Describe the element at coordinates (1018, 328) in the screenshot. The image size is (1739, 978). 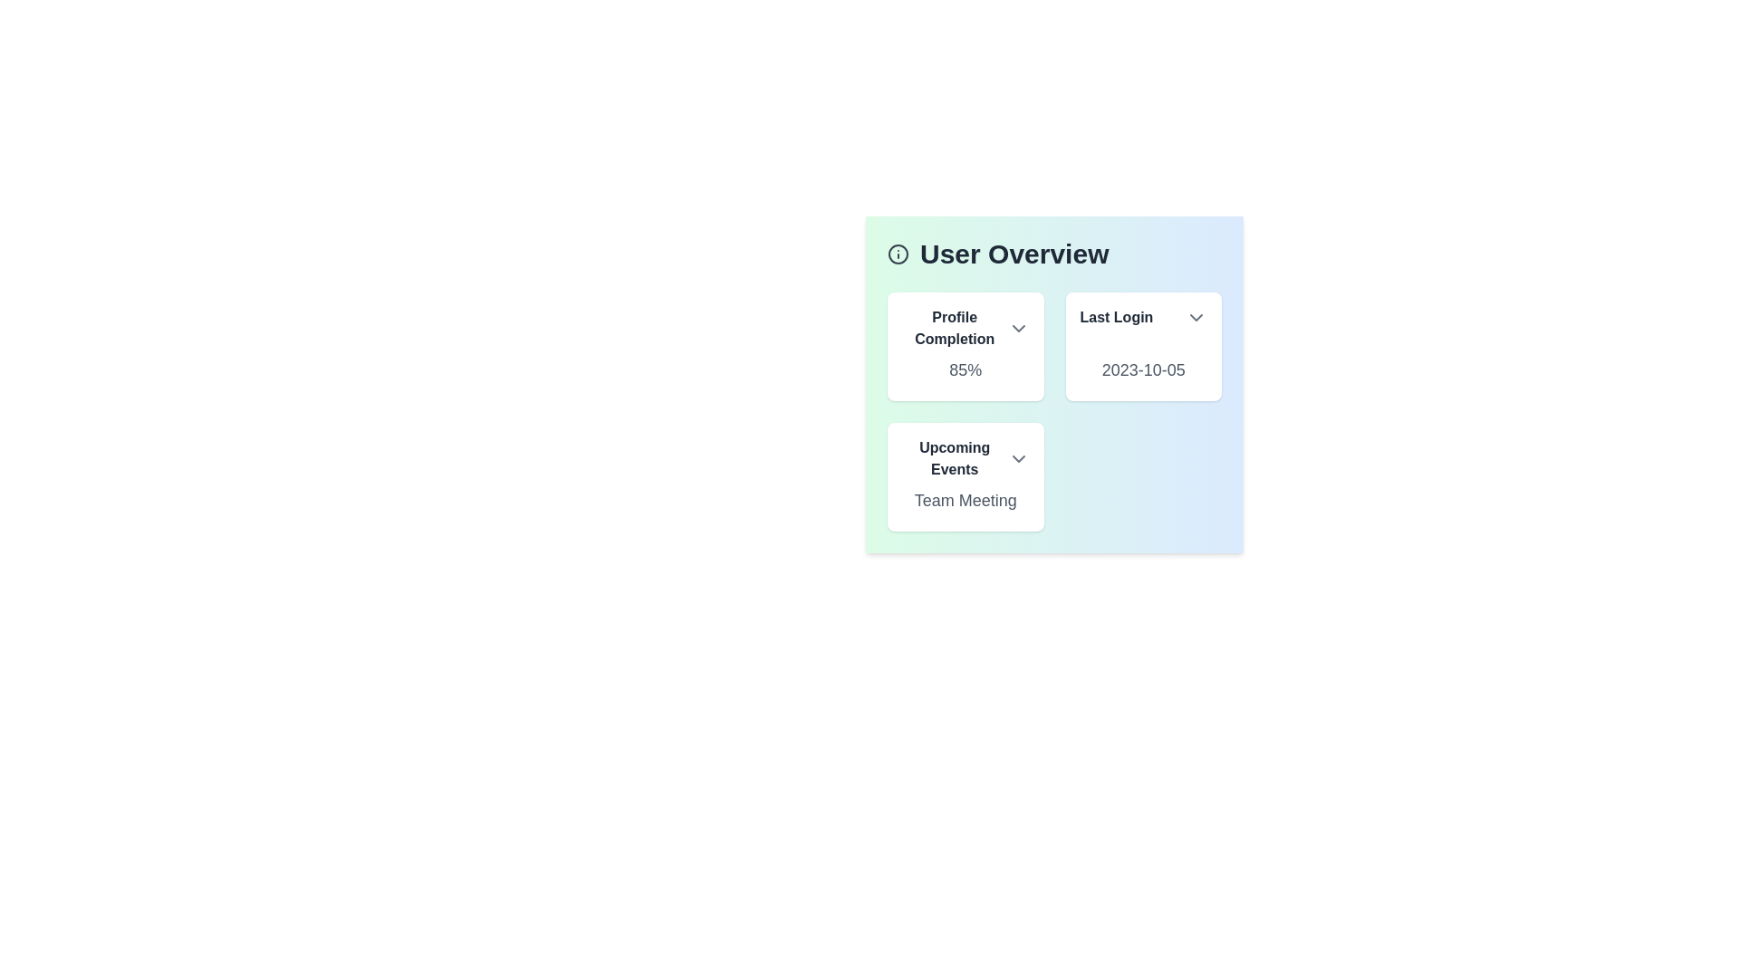
I see `the dropdown toggle icon located to the right of the 'Profile Completion' text` at that location.